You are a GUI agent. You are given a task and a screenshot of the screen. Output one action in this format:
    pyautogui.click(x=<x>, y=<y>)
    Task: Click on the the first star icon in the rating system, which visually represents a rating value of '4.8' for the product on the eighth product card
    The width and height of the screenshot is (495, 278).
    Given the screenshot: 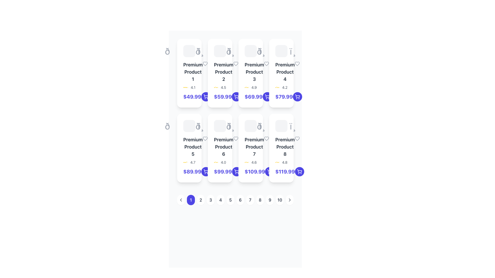 What is the action you would take?
    pyautogui.click(x=275, y=162)
    